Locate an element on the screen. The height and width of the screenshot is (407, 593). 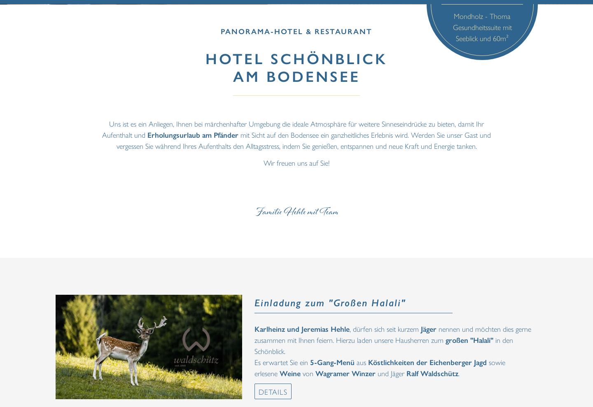
'in den Schönblick.' is located at coordinates (254, 345).